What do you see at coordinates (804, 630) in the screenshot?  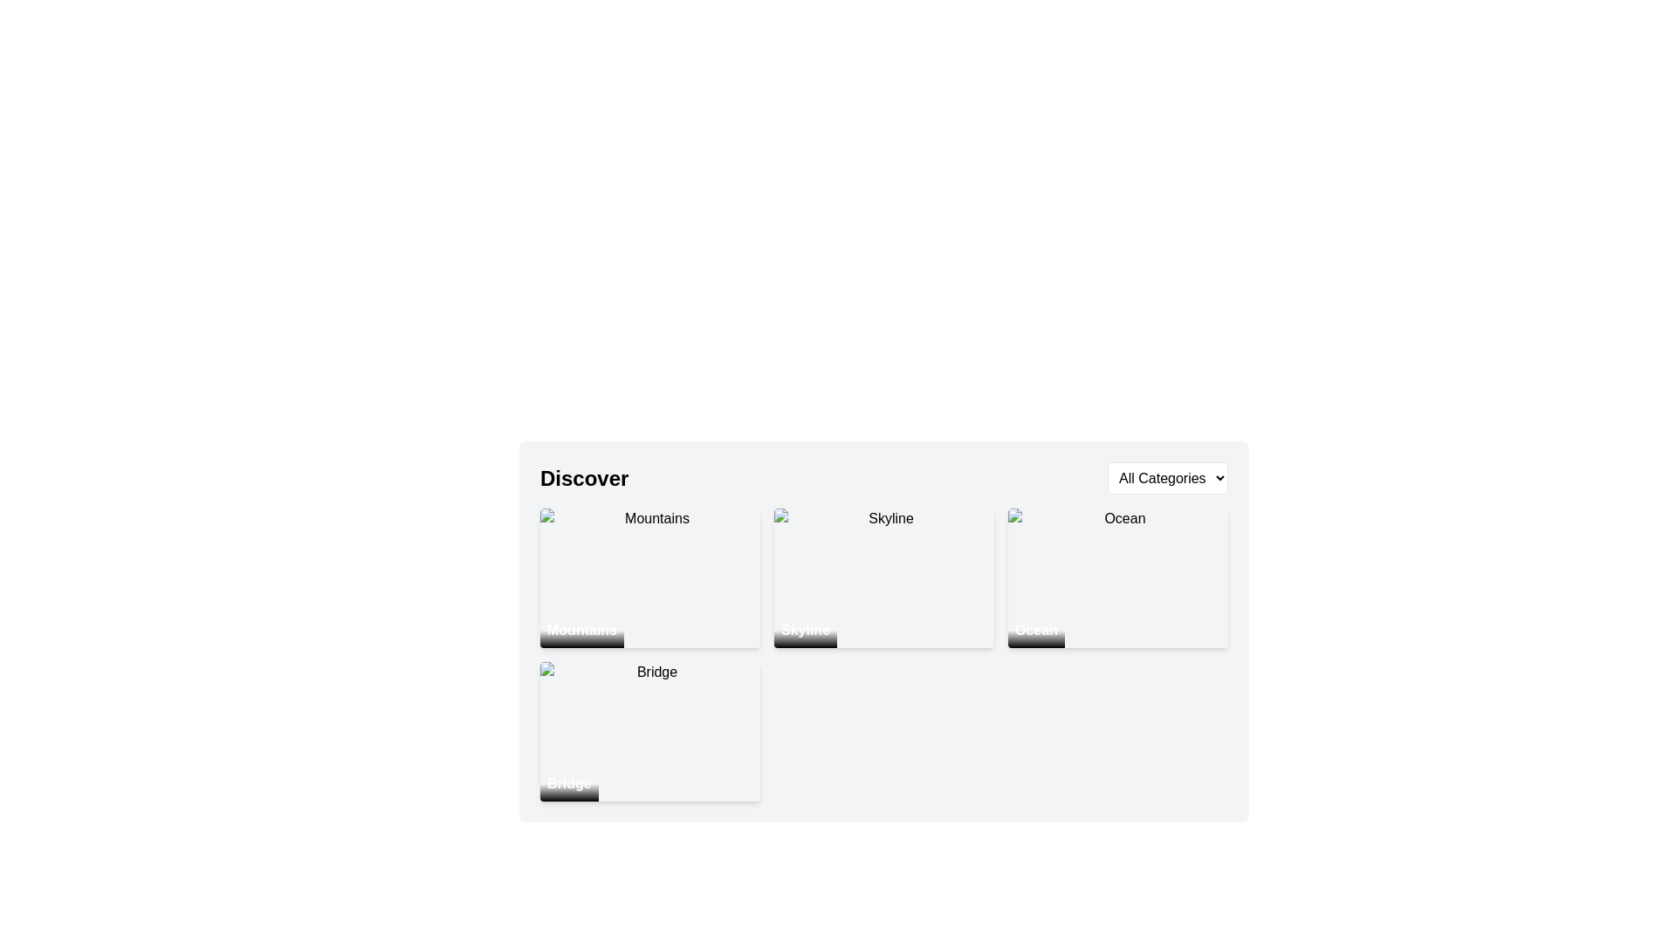 I see `text from the 'Skyline' label, which is styled in white bold font on a black-to-transparent gradient background, located at the bottom section of the second card in the top row of the grid layout` at bounding box center [804, 630].